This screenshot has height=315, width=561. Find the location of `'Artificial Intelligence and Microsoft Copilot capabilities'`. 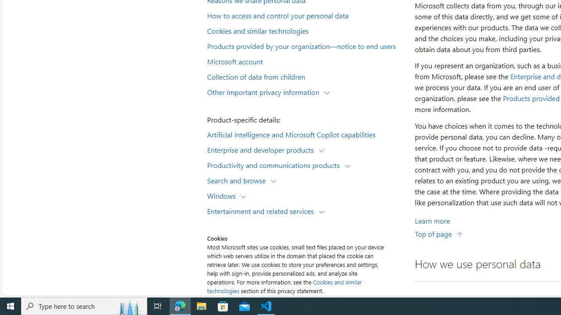

'Artificial Intelligence and Microsoft Copilot capabilities' is located at coordinates (305, 134).